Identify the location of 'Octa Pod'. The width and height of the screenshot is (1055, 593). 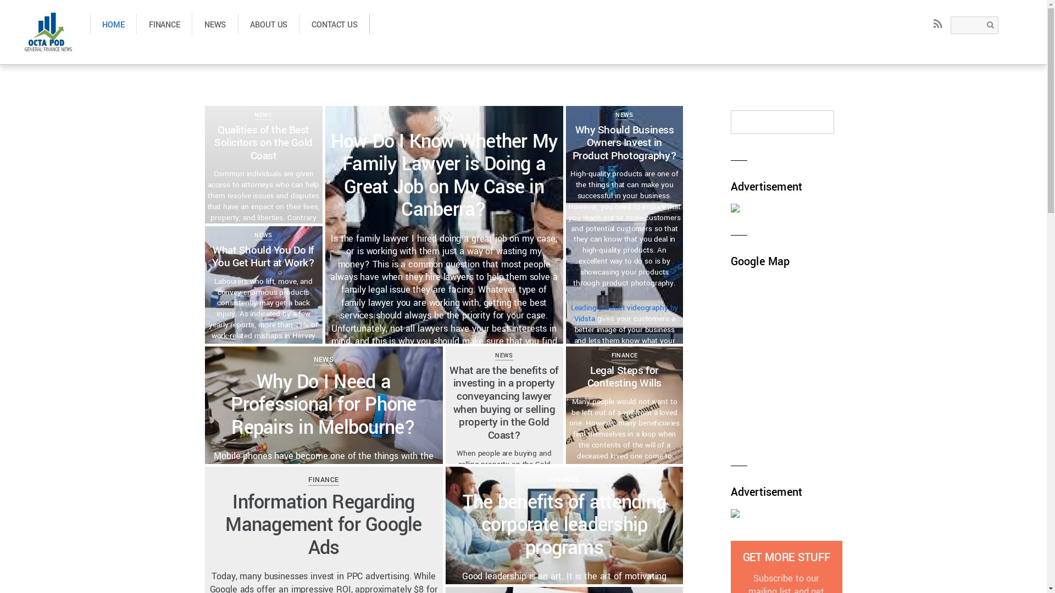
(21, 31).